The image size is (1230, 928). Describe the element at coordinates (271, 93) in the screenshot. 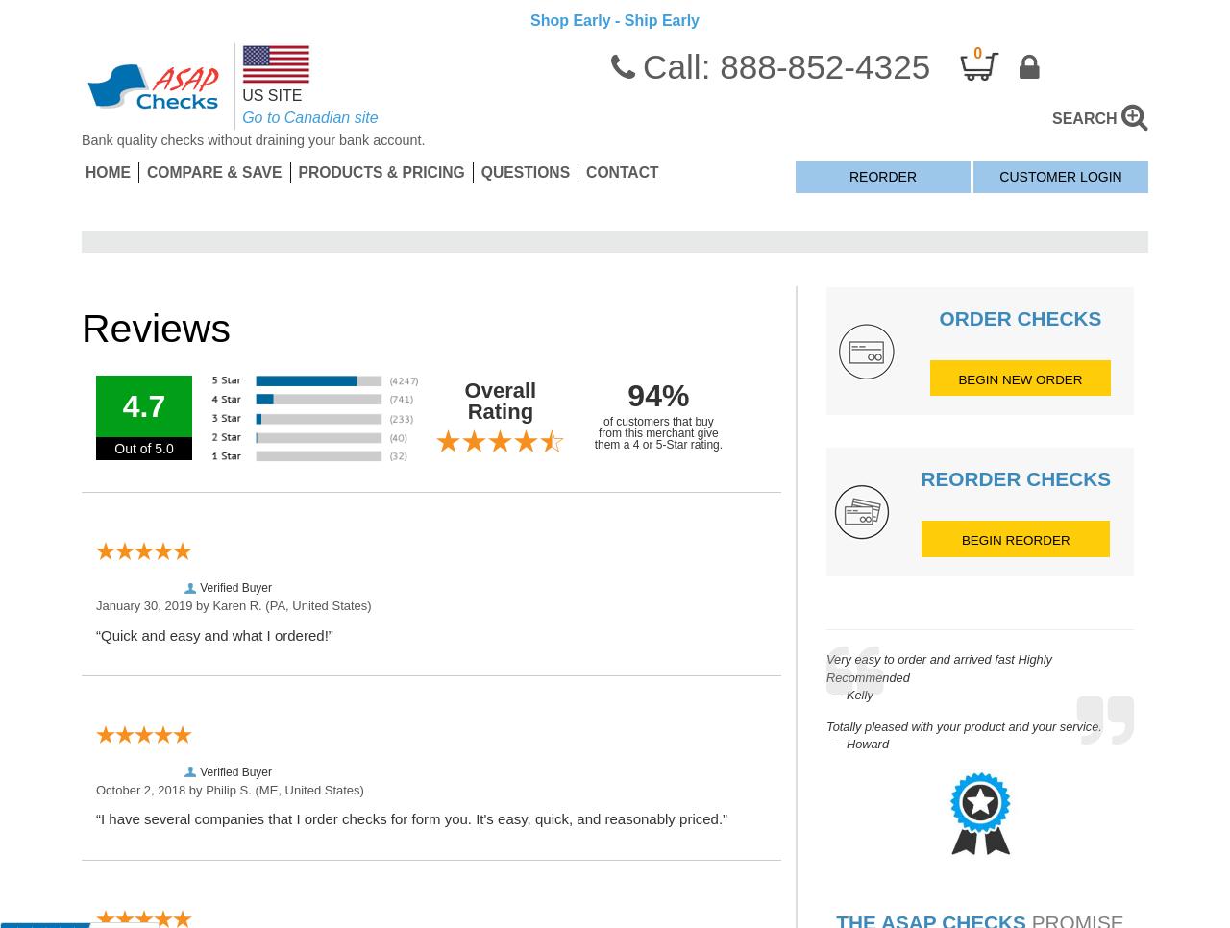

I see `'US SITE'` at that location.